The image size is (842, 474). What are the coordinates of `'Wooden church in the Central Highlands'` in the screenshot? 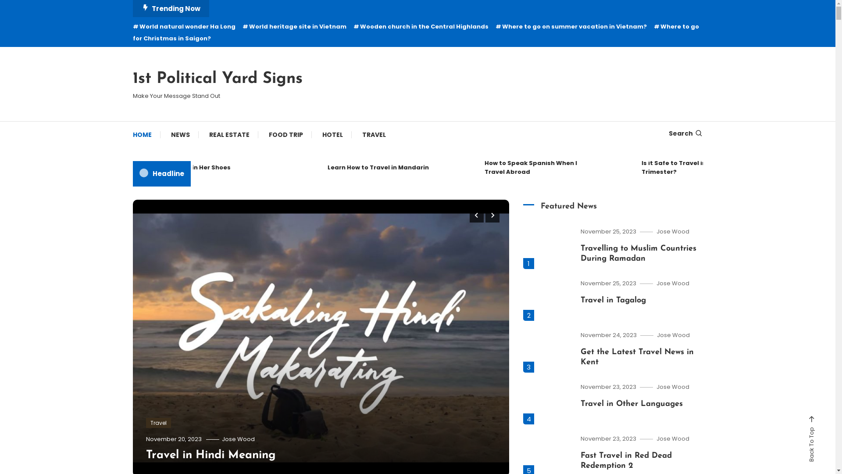 It's located at (421, 26).